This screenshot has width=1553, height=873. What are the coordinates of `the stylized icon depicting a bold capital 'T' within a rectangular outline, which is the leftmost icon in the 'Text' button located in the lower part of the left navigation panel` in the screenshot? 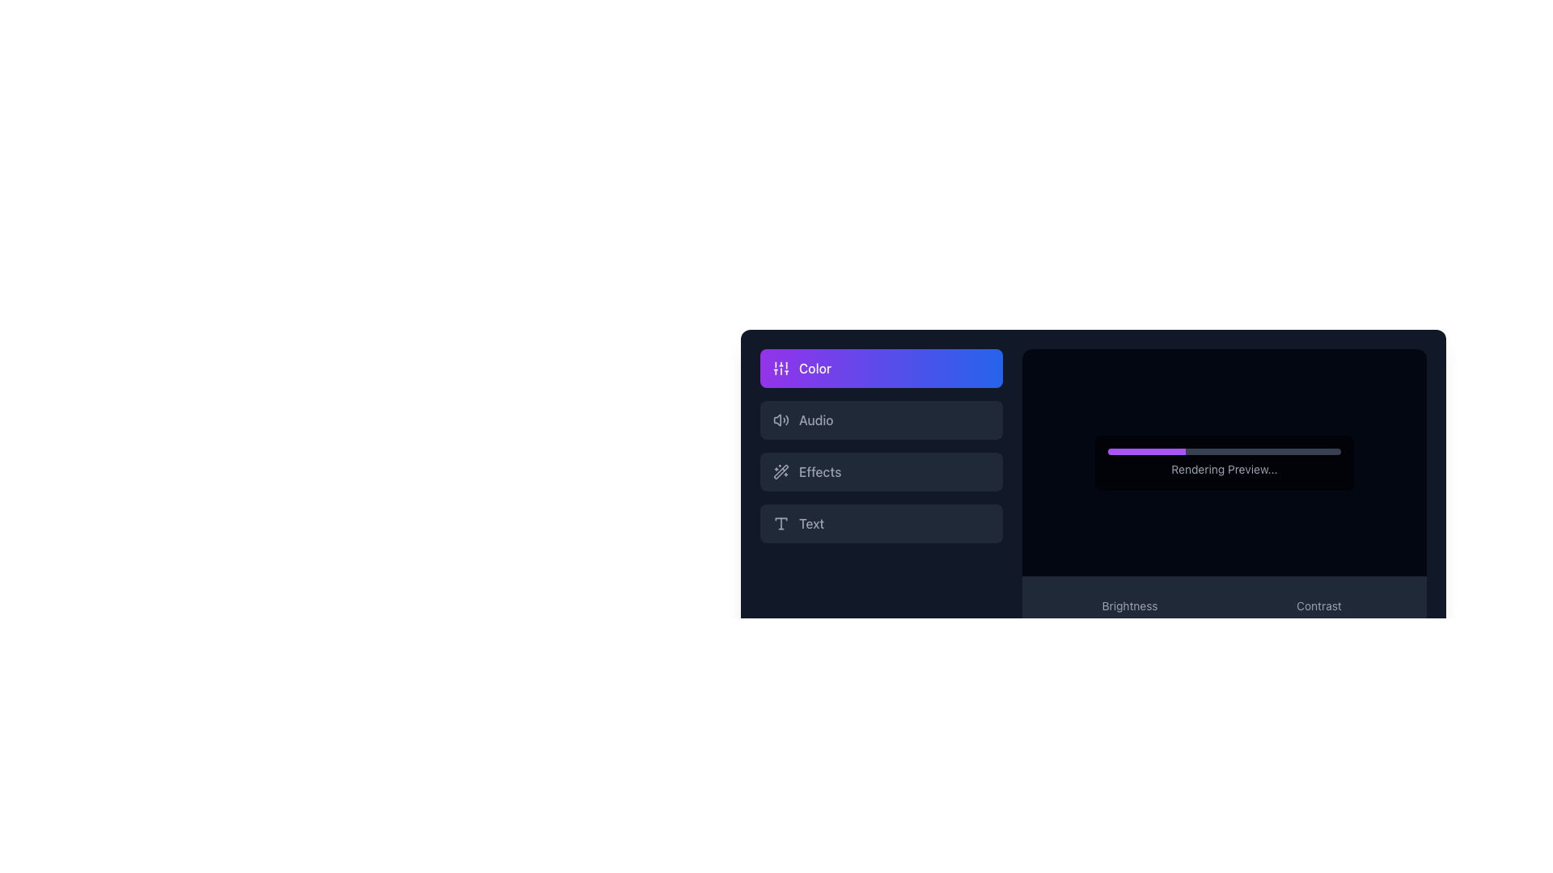 It's located at (781, 524).